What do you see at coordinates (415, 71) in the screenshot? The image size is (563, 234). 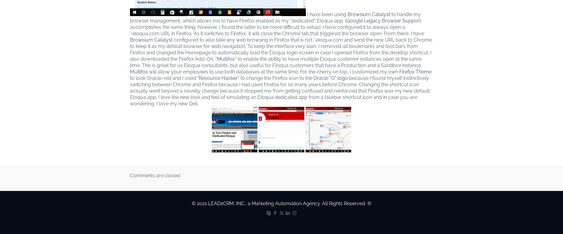 I see `'Firefox Theme'` at bounding box center [415, 71].